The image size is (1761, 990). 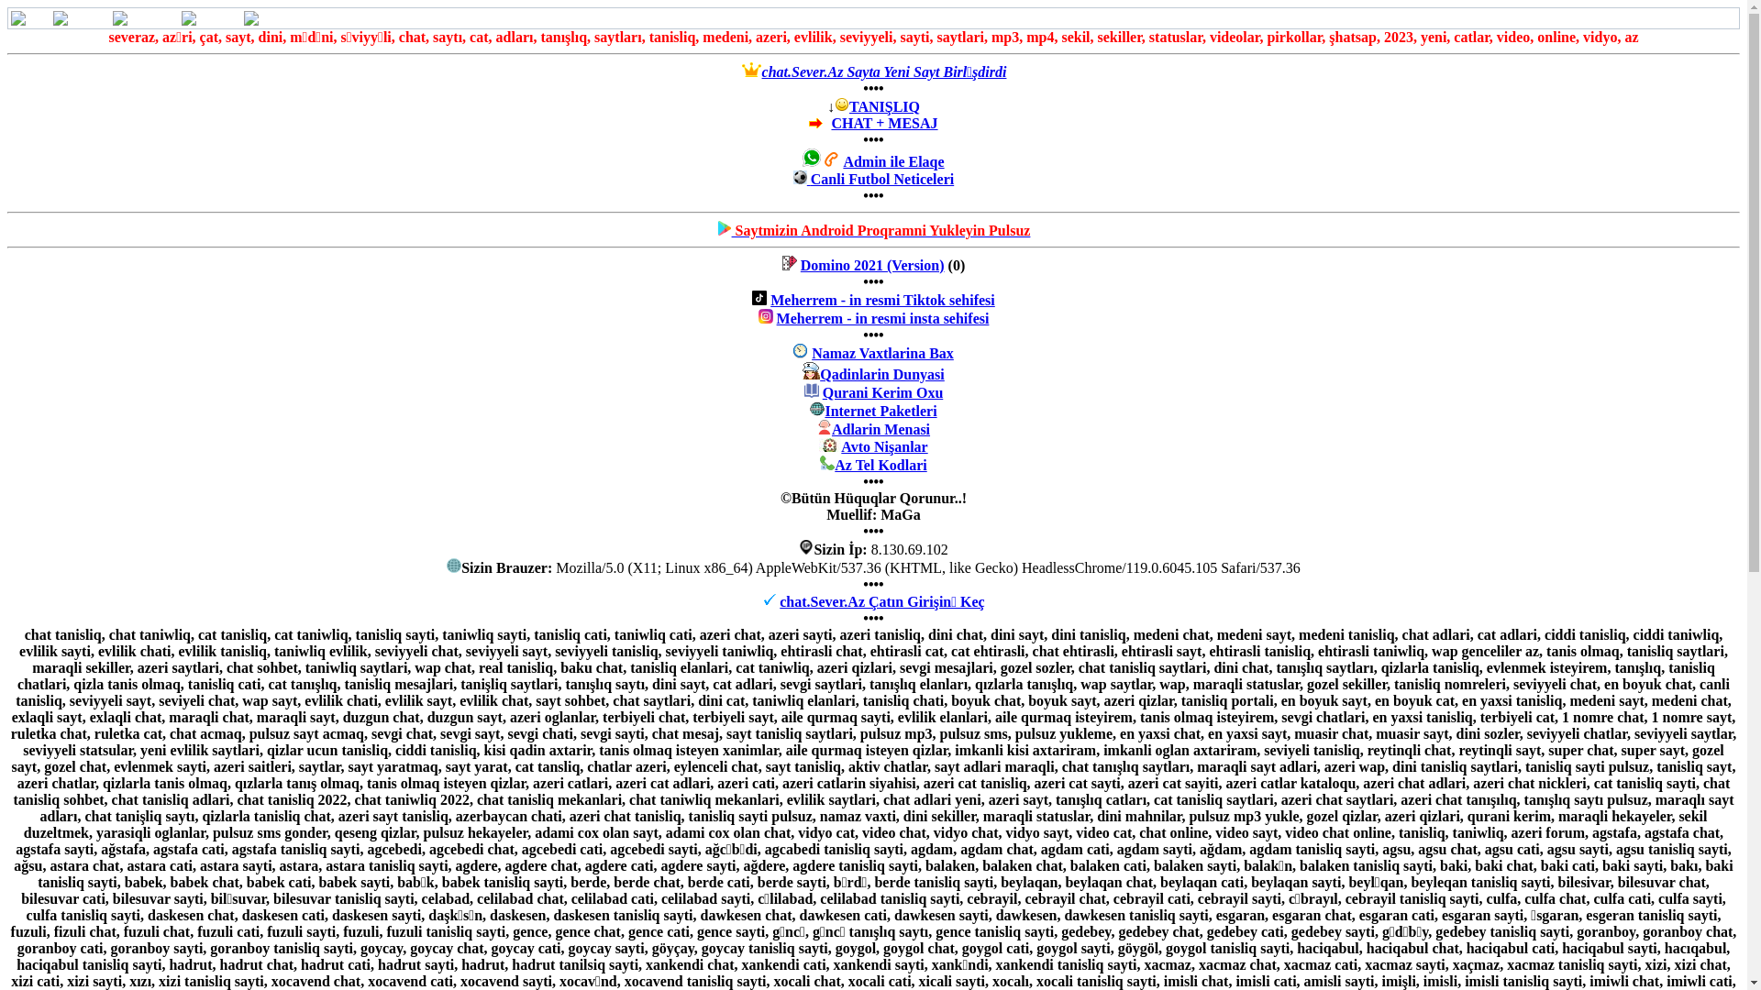 What do you see at coordinates (880, 229) in the screenshot?
I see `'Saytmizin Android Proqramni Yukleyin Pulsuz'` at bounding box center [880, 229].